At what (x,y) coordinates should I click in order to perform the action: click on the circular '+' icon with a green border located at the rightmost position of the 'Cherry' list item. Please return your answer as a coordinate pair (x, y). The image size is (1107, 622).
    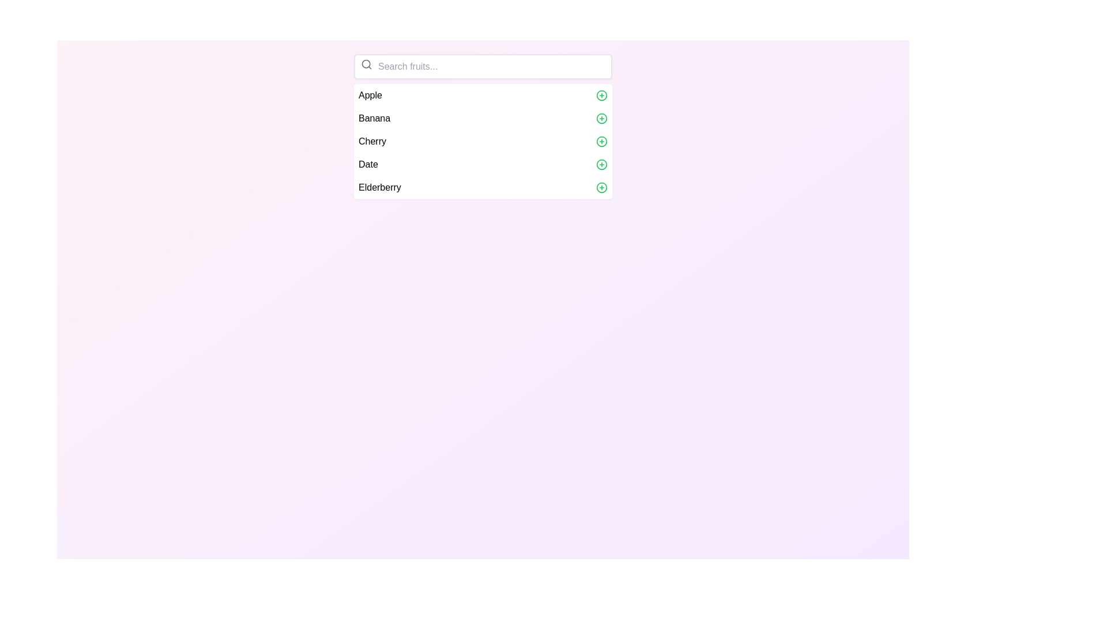
    Looking at the image, I should click on (601, 141).